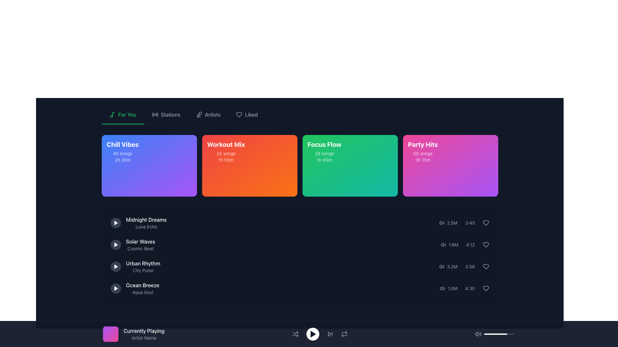 Image resolution: width=618 pixels, height=347 pixels. Describe the element at coordinates (213, 114) in the screenshot. I see `the 'Artists' text in the navigation bar` at that location.